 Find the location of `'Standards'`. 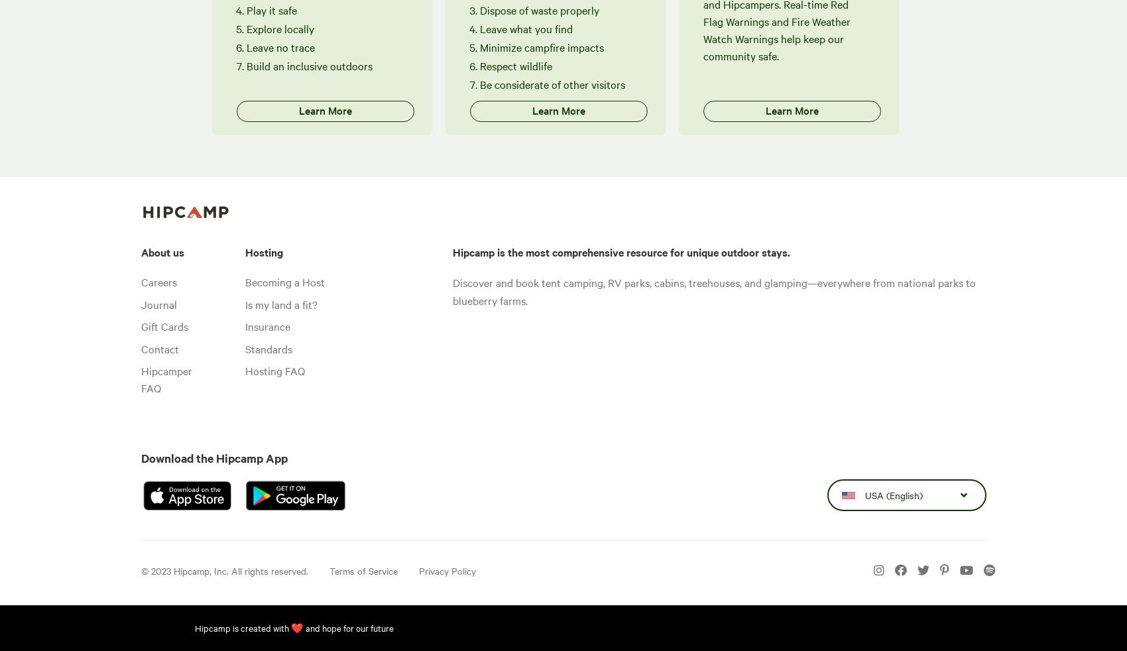

'Standards' is located at coordinates (244, 347).